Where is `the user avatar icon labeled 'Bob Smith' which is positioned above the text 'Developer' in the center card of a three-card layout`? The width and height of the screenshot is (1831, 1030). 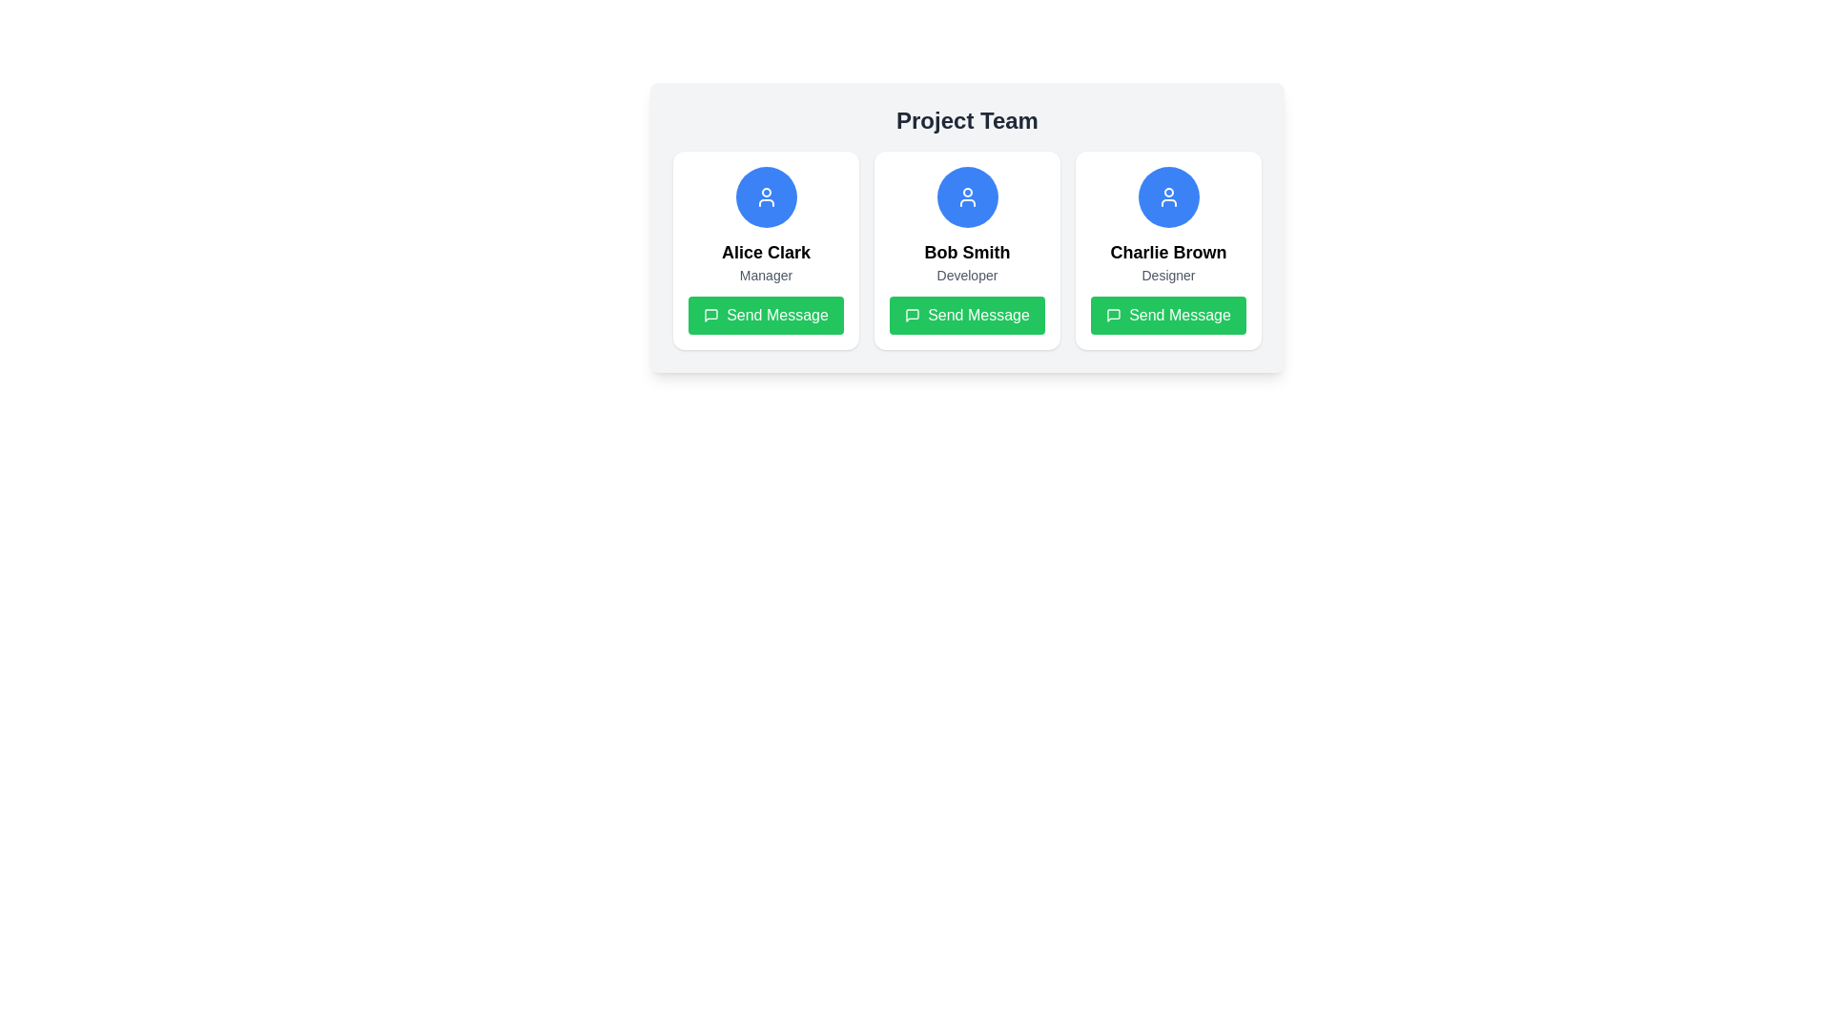
the user avatar icon labeled 'Bob Smith' which is positioned above the text 'Developer' in the center card of a three-card layout is located at coordinates (967, 197).